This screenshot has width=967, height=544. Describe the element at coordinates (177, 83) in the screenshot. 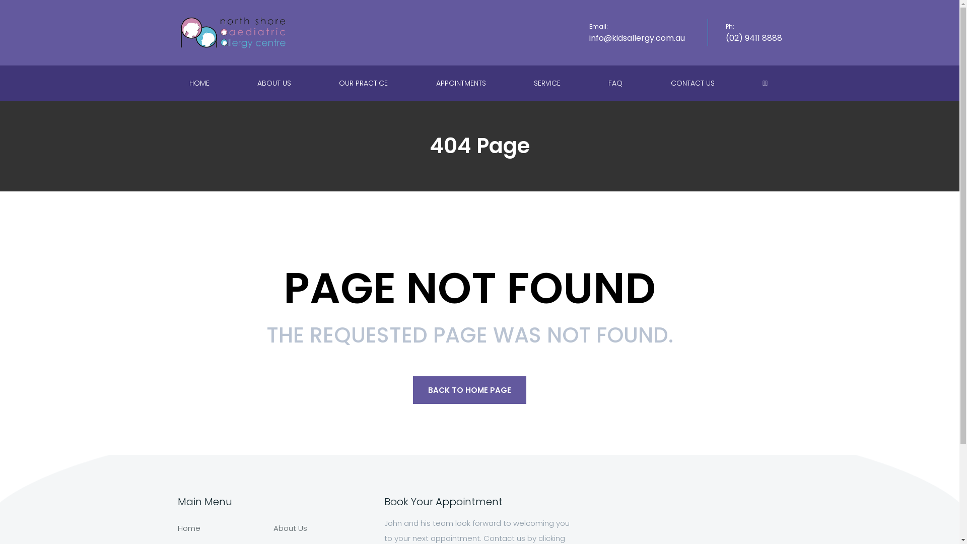

I see `'HOME'` at that location.